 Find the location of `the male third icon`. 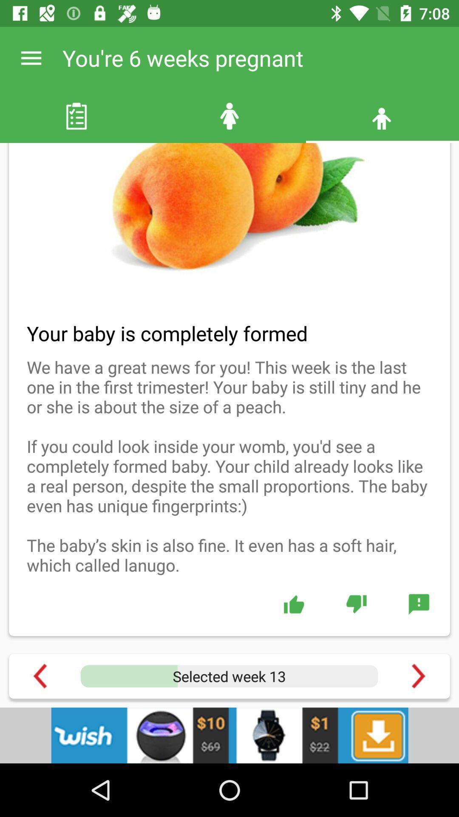

the male third icon is located at coordinates (382, 116).